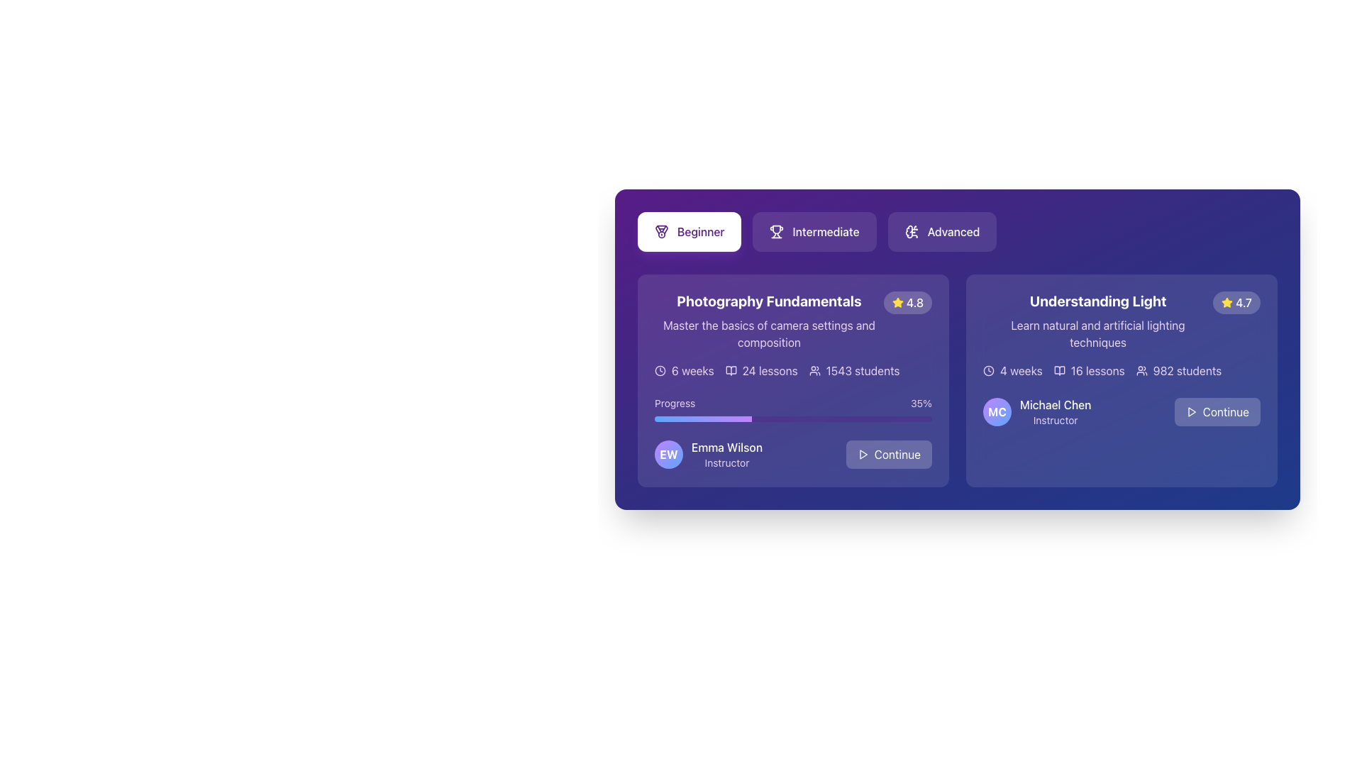 The height and width of the screenshot is (766, 1362). I want to click on the Profile avatar representing instructor 'Emma Wilson', so click(668, 454).